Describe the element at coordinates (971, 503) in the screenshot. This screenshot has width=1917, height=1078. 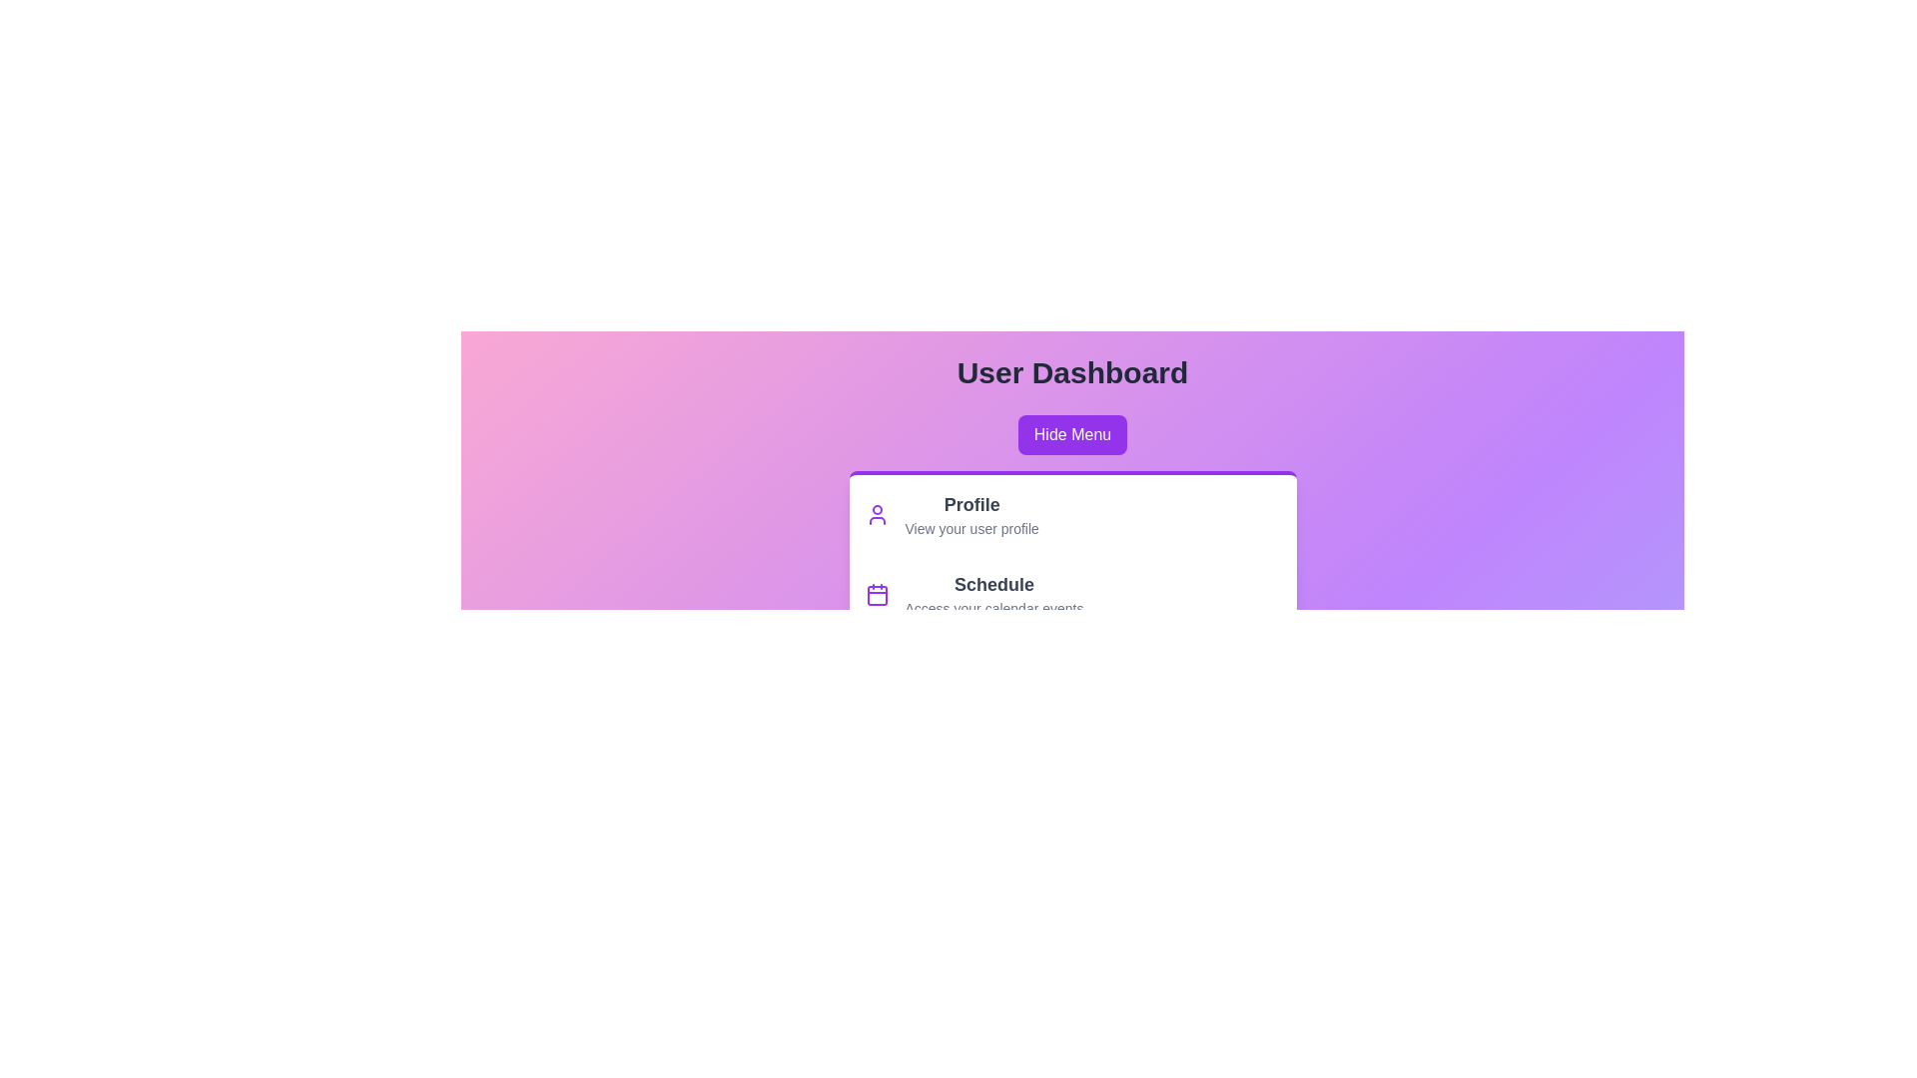
I see `the menu item Profile from the displayed options` at that location.